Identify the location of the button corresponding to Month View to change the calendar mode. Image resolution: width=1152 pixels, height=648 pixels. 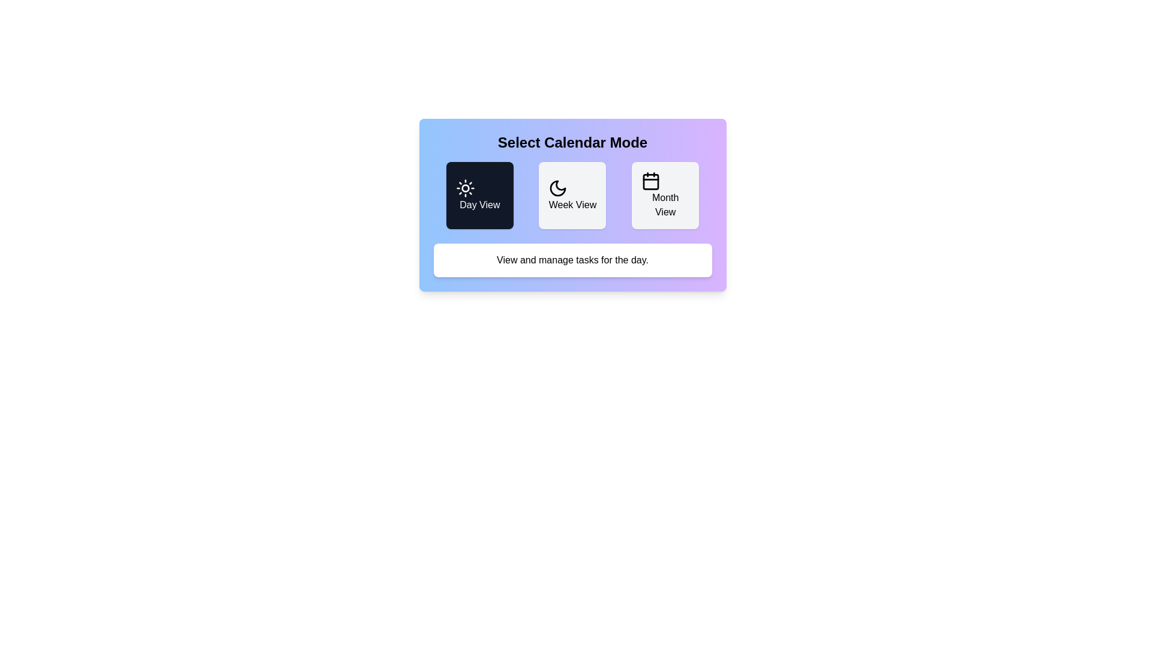
(665, 195).